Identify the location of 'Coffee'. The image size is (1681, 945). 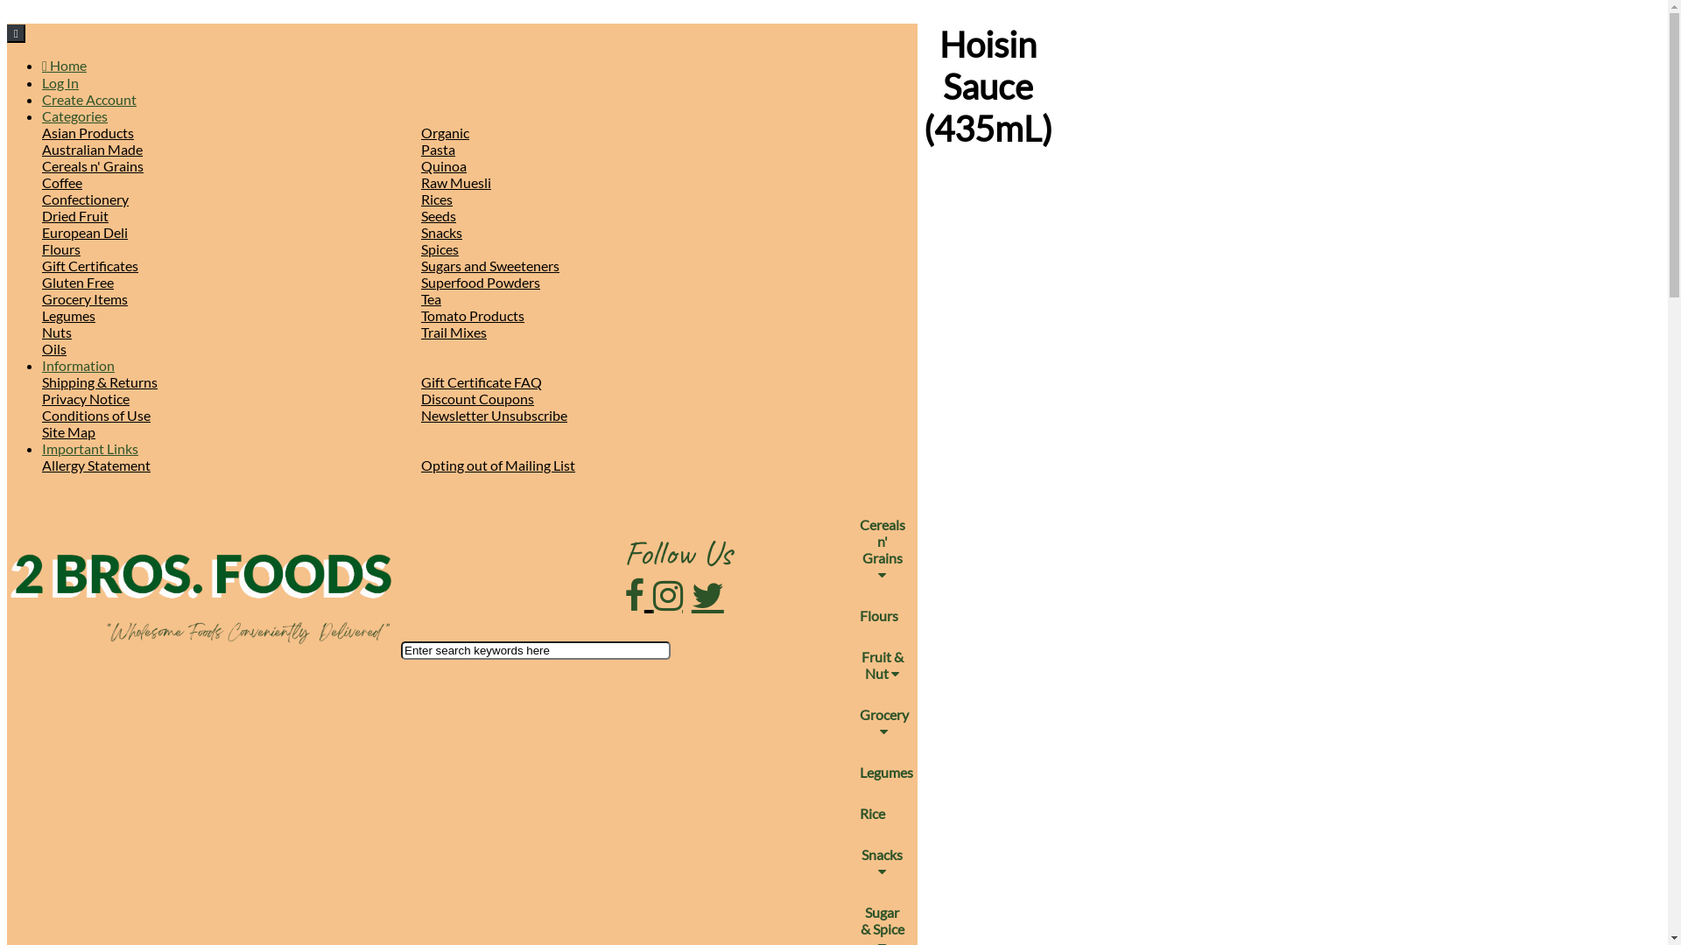
(42, 182).